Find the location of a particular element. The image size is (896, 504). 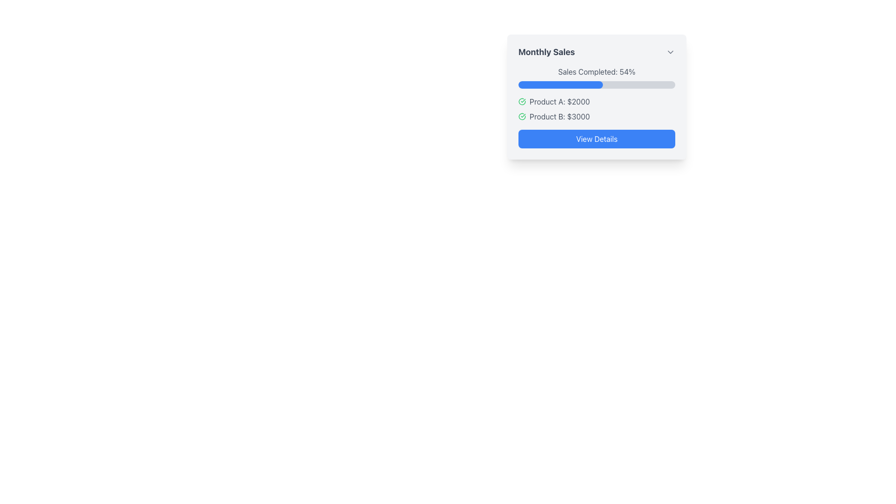

the Status indicator icon that indicates a completed status for 'Product A', located in the 'Product A: $2000' section to the left of the text is located at coordinates (521, 102).